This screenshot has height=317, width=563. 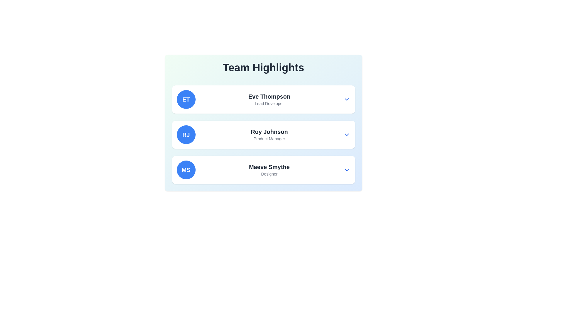 I want to click on the Dropdown Toggle Button located in the 'Maeve Smythe' profile group, so click(x=347, y=170).